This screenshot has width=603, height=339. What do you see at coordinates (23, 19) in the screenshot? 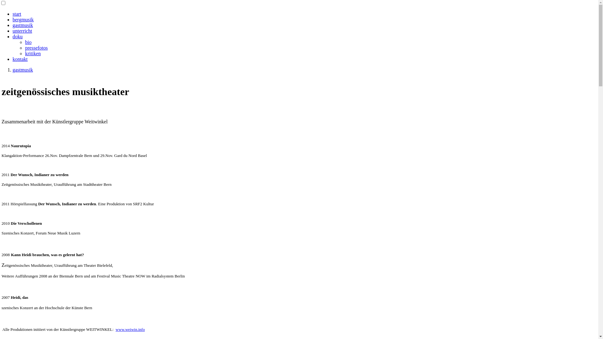
I see `'bergmusik'` at bounding box center [23, 19].